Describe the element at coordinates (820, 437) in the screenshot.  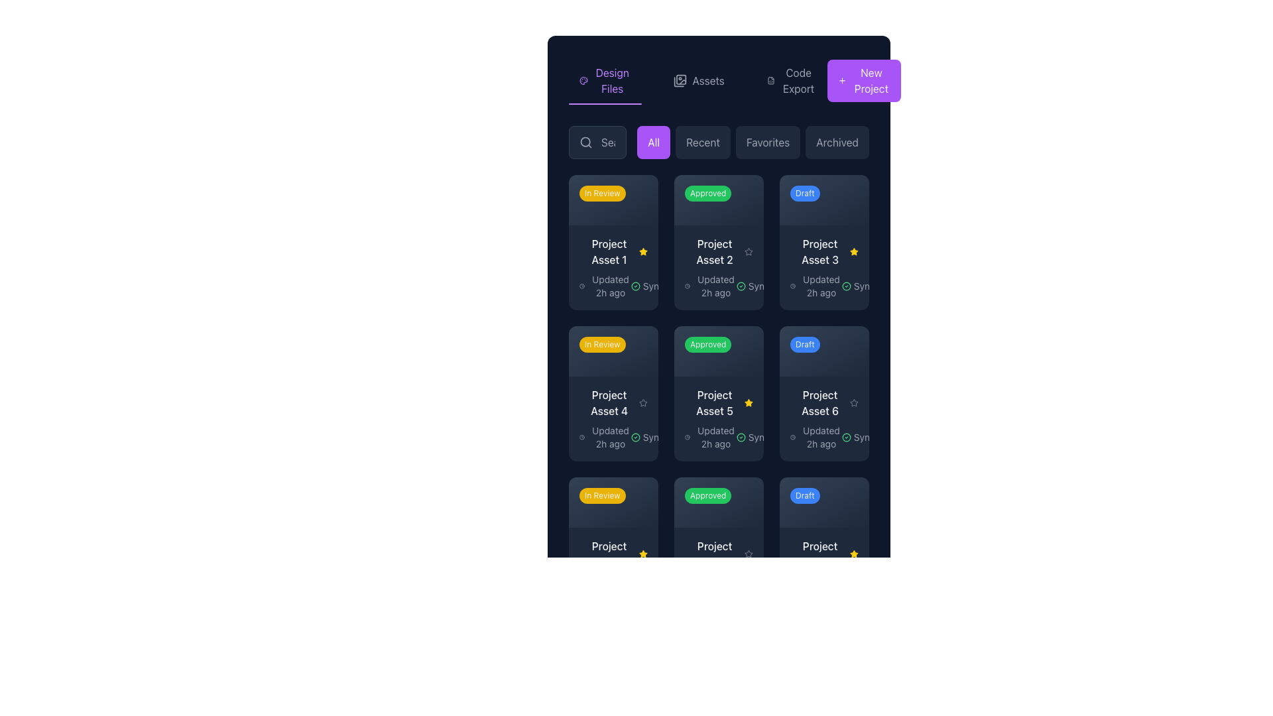
I see `the text element displaying 'Updated 2h ago', which is located at the bottom-left corner of the 'Project Asset 6' card` at that location.